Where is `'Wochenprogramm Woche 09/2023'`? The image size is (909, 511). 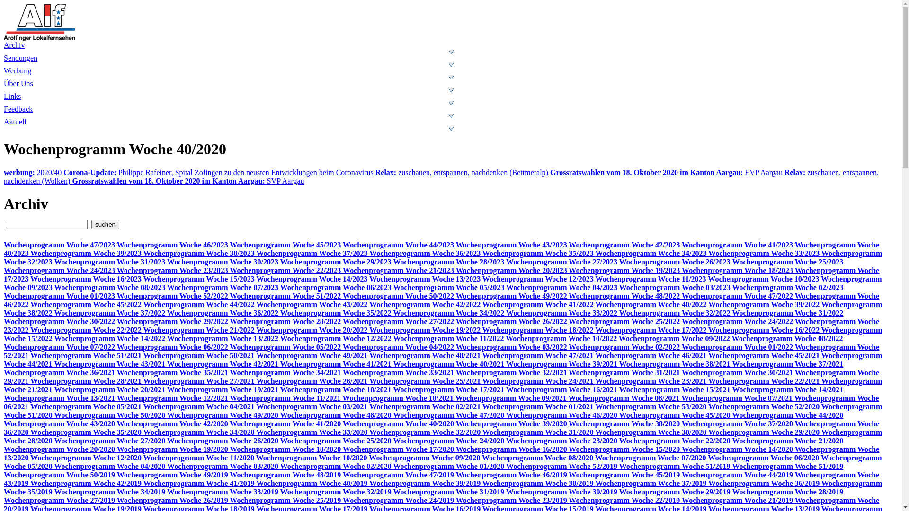 'Wochenprogramm Woche 09/2023' is located at coordinates (4, 282).